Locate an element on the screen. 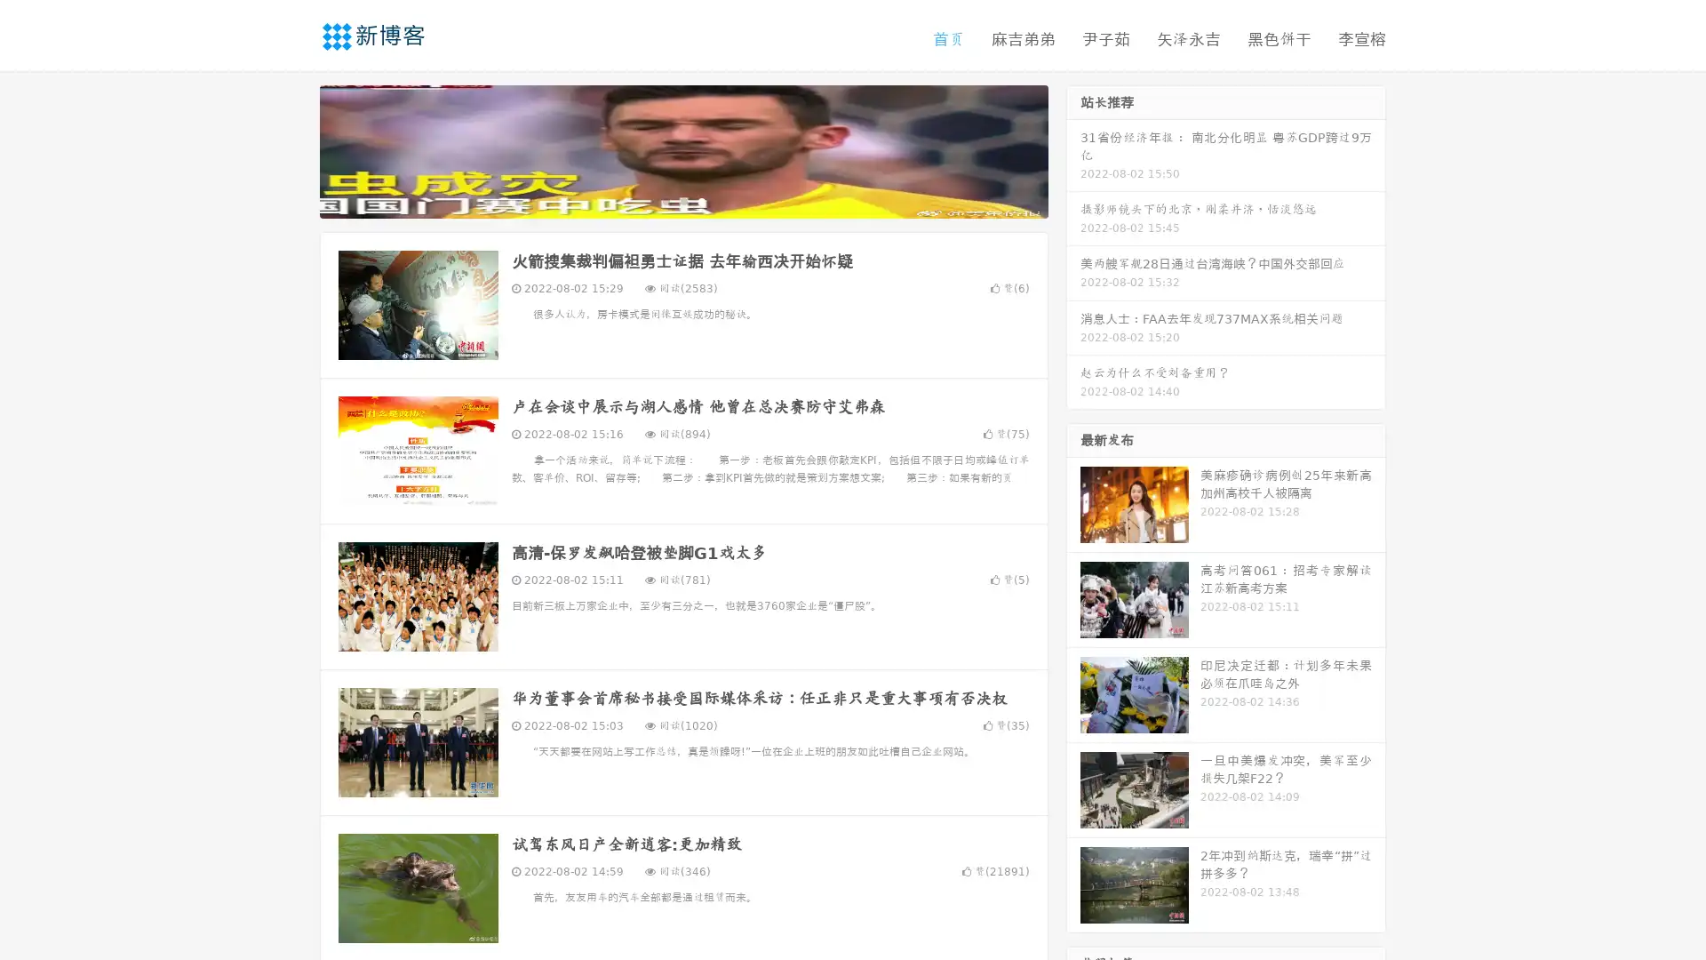 This screenshot has height=960, width=1706. Go to slide 3 is located at coordinates (701, 200).